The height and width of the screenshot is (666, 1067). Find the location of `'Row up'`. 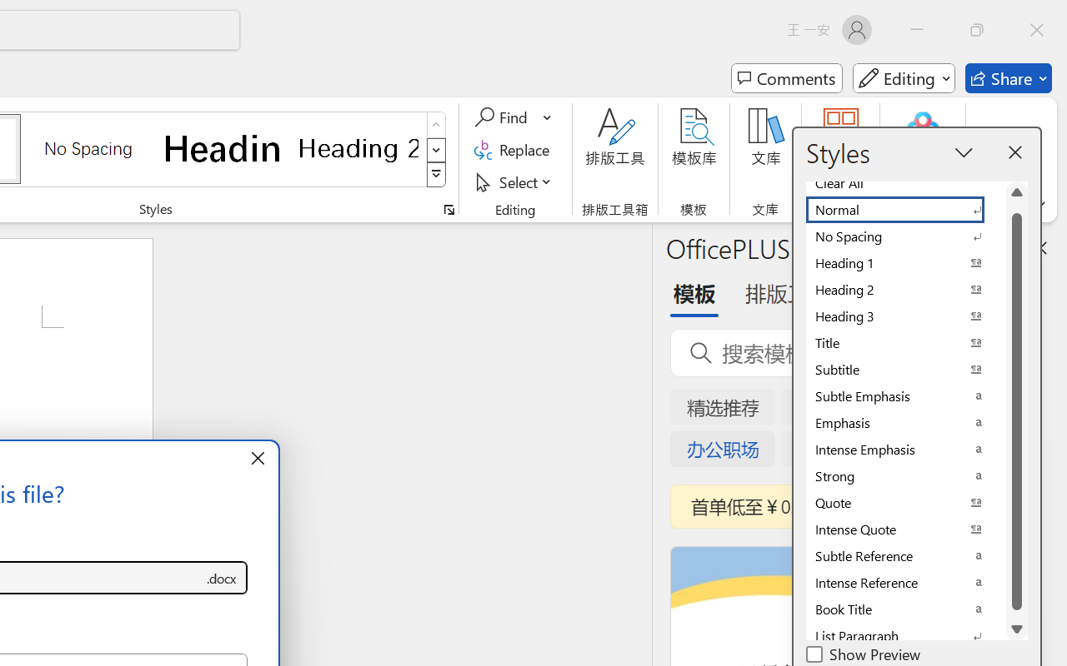

'Row up' is located at coordinates (436, 125).